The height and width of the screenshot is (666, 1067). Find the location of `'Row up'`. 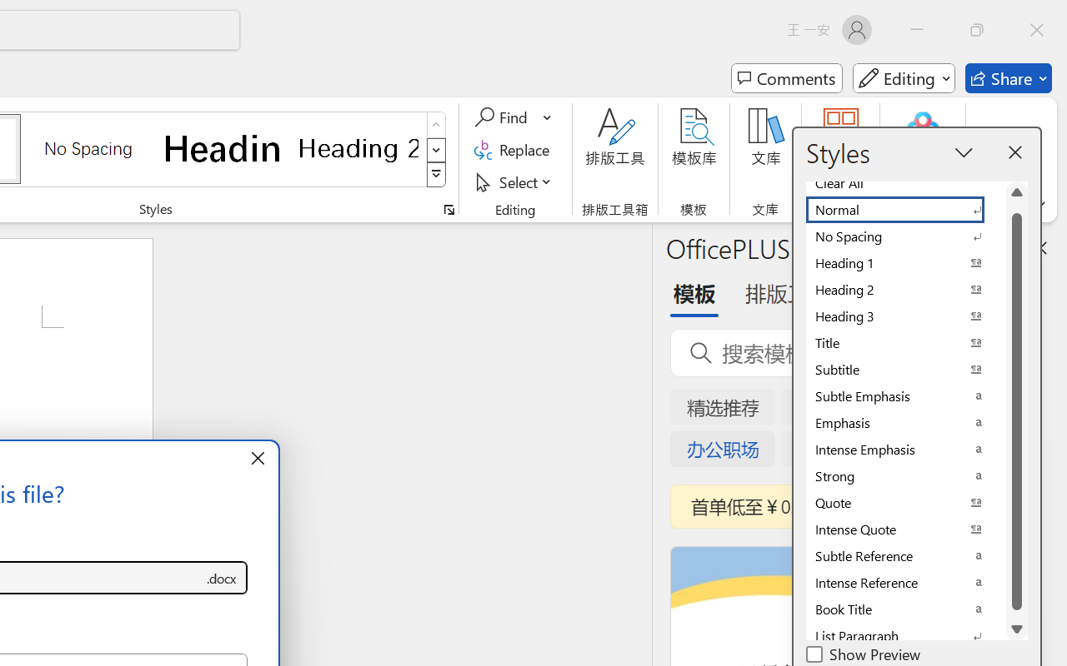

'Row up' is located at coordinates (436, 125).